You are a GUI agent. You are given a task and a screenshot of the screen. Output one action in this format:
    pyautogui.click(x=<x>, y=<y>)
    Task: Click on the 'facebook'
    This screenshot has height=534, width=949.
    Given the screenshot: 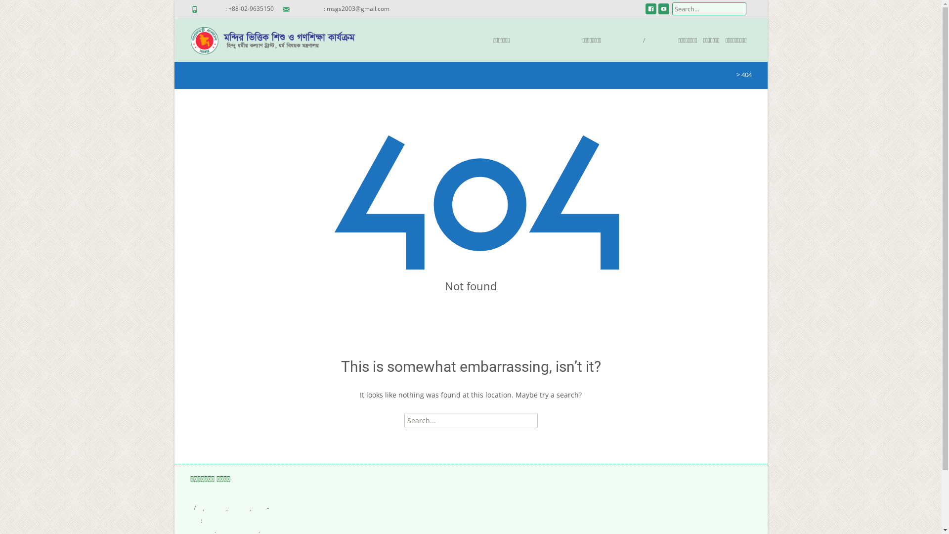 What is the action you would take?
    pyautogui.click(x=650, y=12)
    